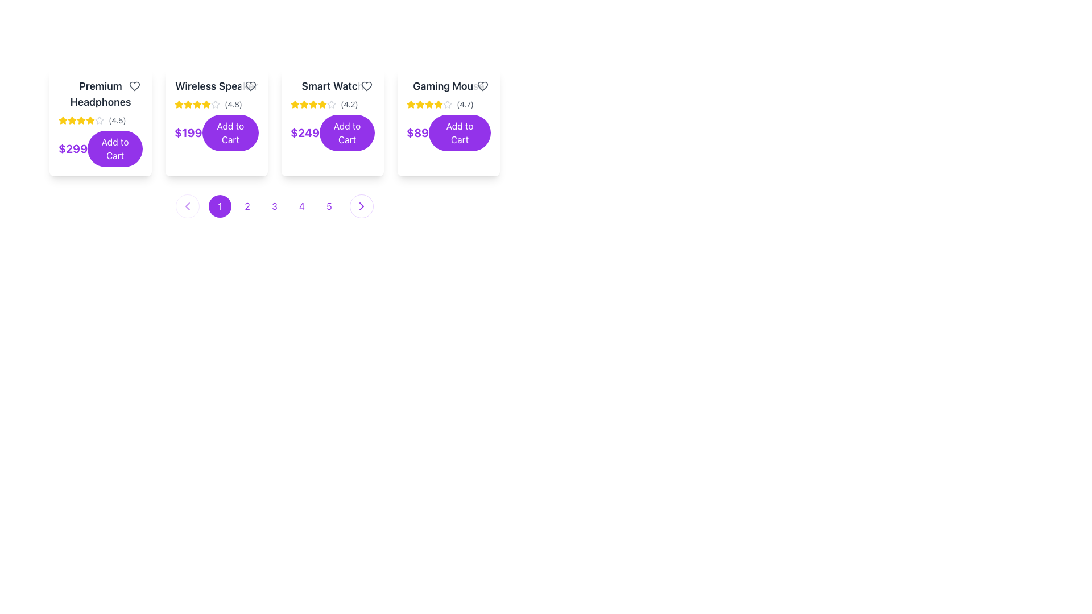 The image size is (1092, 614). Describe the element at coordinates (366, 85) in the screenshot. I see `the favorite icon button located in the top-right corner of the 'Smart Watch' product card to mark the product as liked or add it to the favorites list` at that location.